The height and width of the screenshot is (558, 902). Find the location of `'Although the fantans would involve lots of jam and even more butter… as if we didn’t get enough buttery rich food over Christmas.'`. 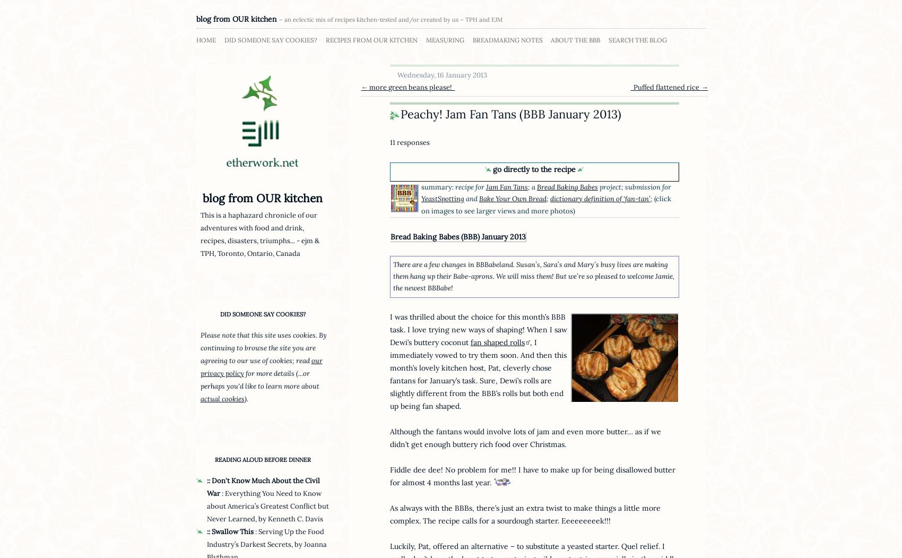

'Although the fantans would involve lots of jam and even more butter… as if we didn’t get enough buttery rich food over Christmas.' is located at coordinates (524, 437).